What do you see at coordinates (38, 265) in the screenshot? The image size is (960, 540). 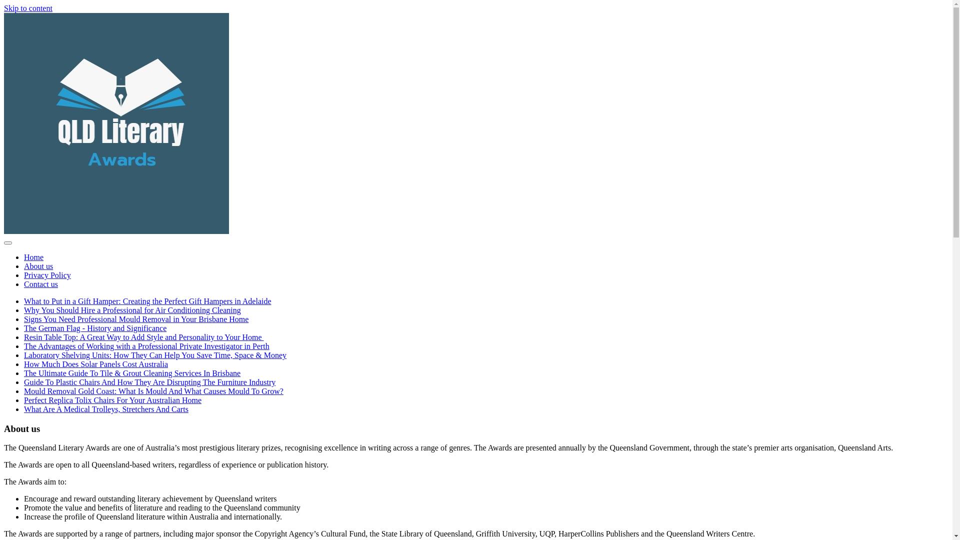 I see `'About us'` at bounding box center [38, 265].